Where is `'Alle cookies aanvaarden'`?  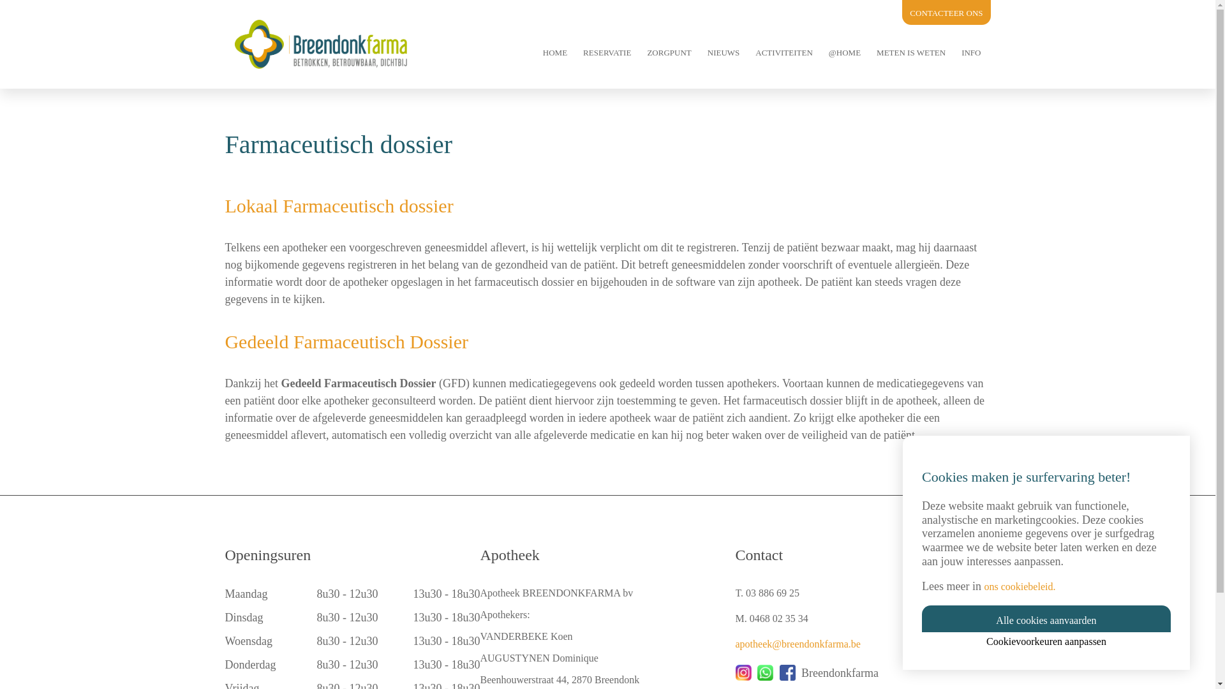
'Alle cookies aanvaarden' is located at coordinates (1046, 618).